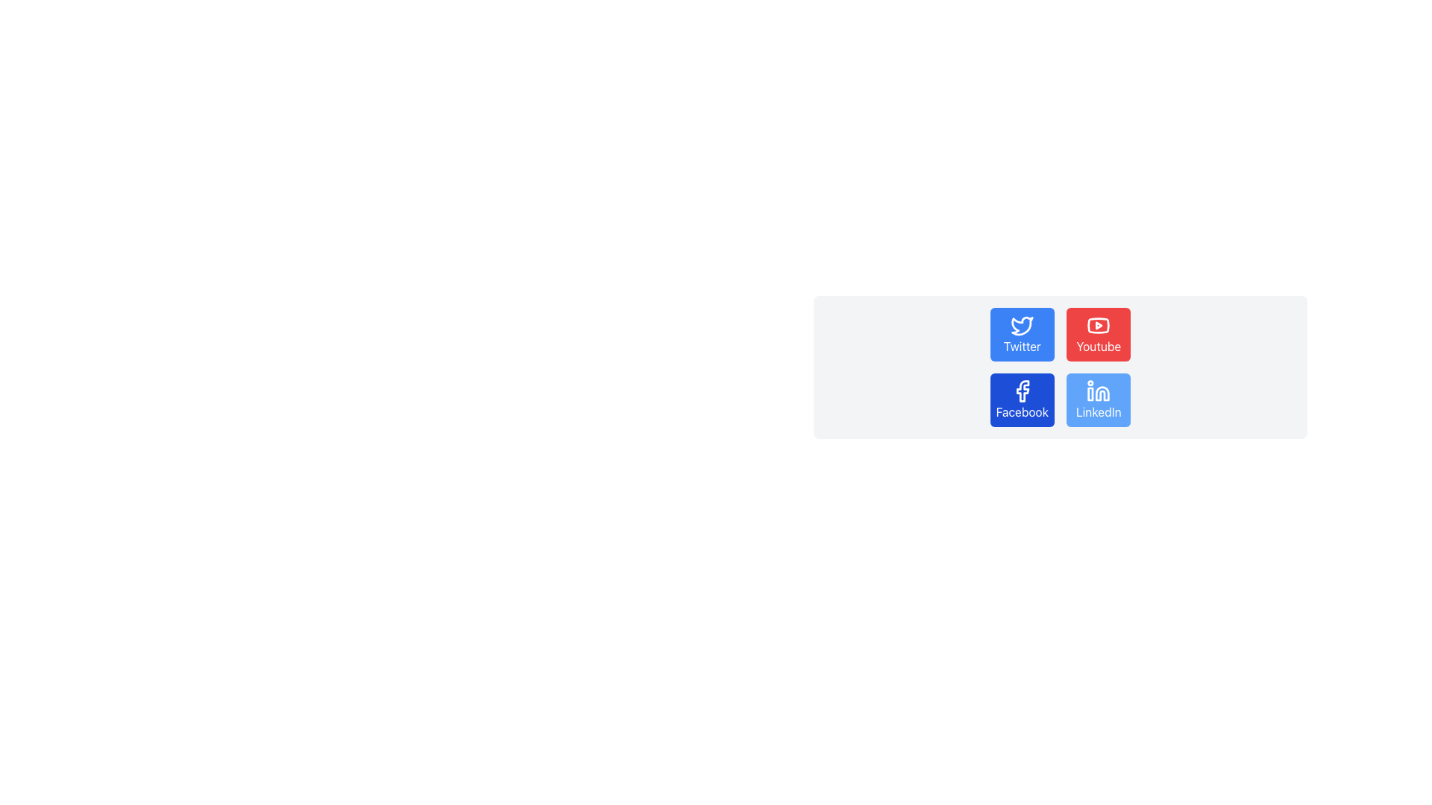 The height and width of the screenshot is (805, 1432). I want to click on text label displaying 'Twitter' which is styled with a white font on a blue background, positioned below the Twitter icon in a grid layout, so click(1021, 347).